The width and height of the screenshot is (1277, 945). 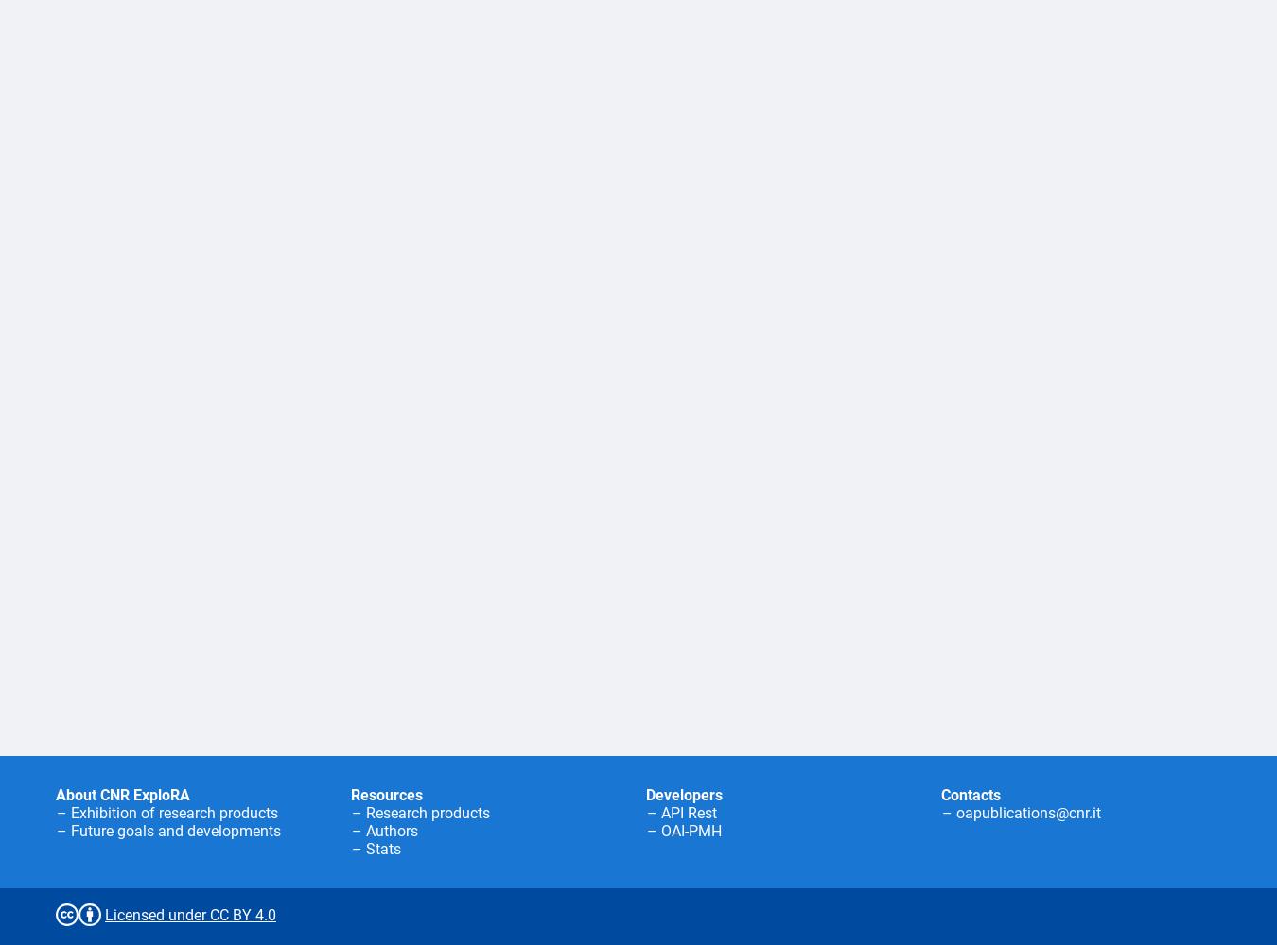 What do you see at coordinates (70, 831) in the screenshot?
I see `'Future goals and developments'` at bounding box center [70, 831].